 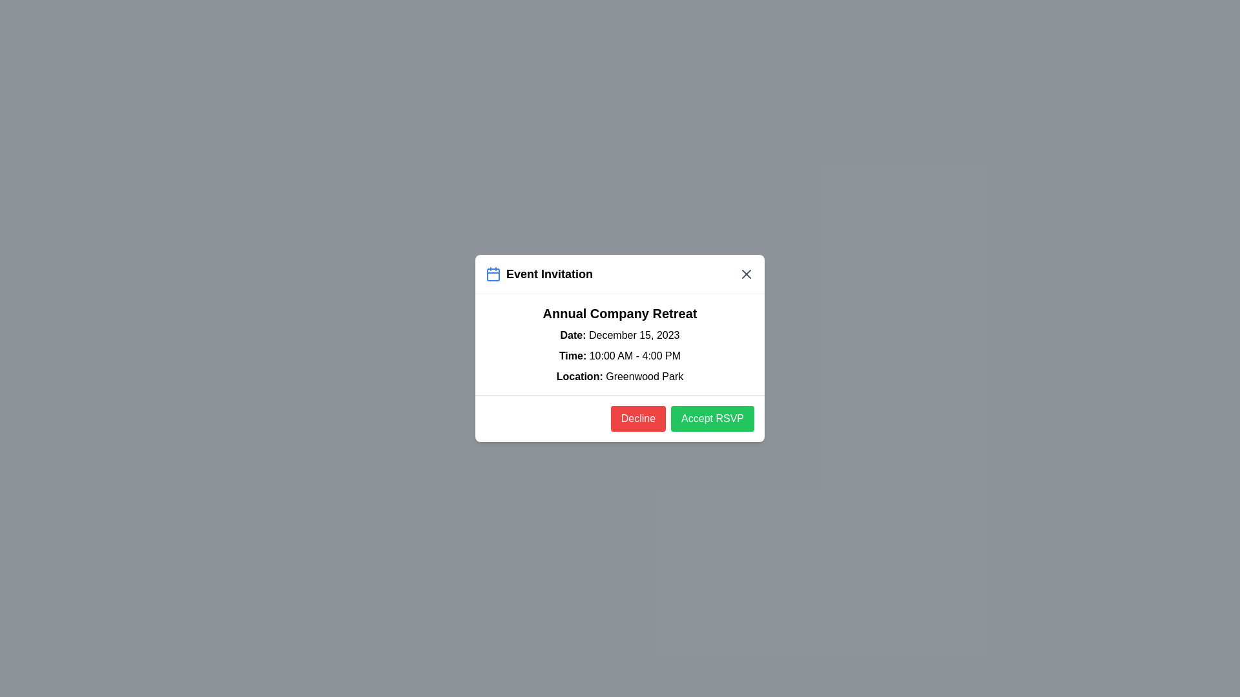 I want to click on the static text that provides location details for an event, located in the bottom part of the informational box below the 'Time' descriptor, so click(x=620, y=376).